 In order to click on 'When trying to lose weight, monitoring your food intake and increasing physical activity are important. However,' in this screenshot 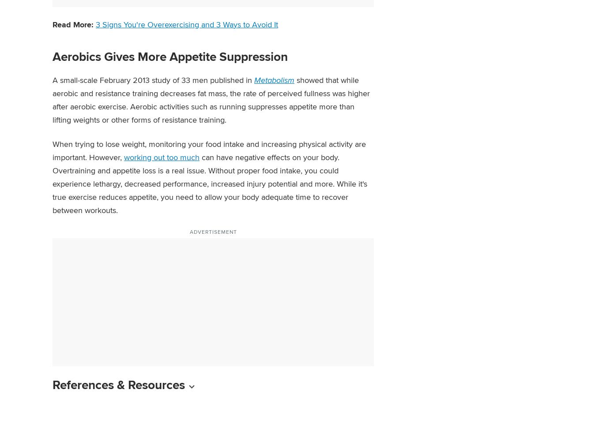, I will do `click(209, 150)`.